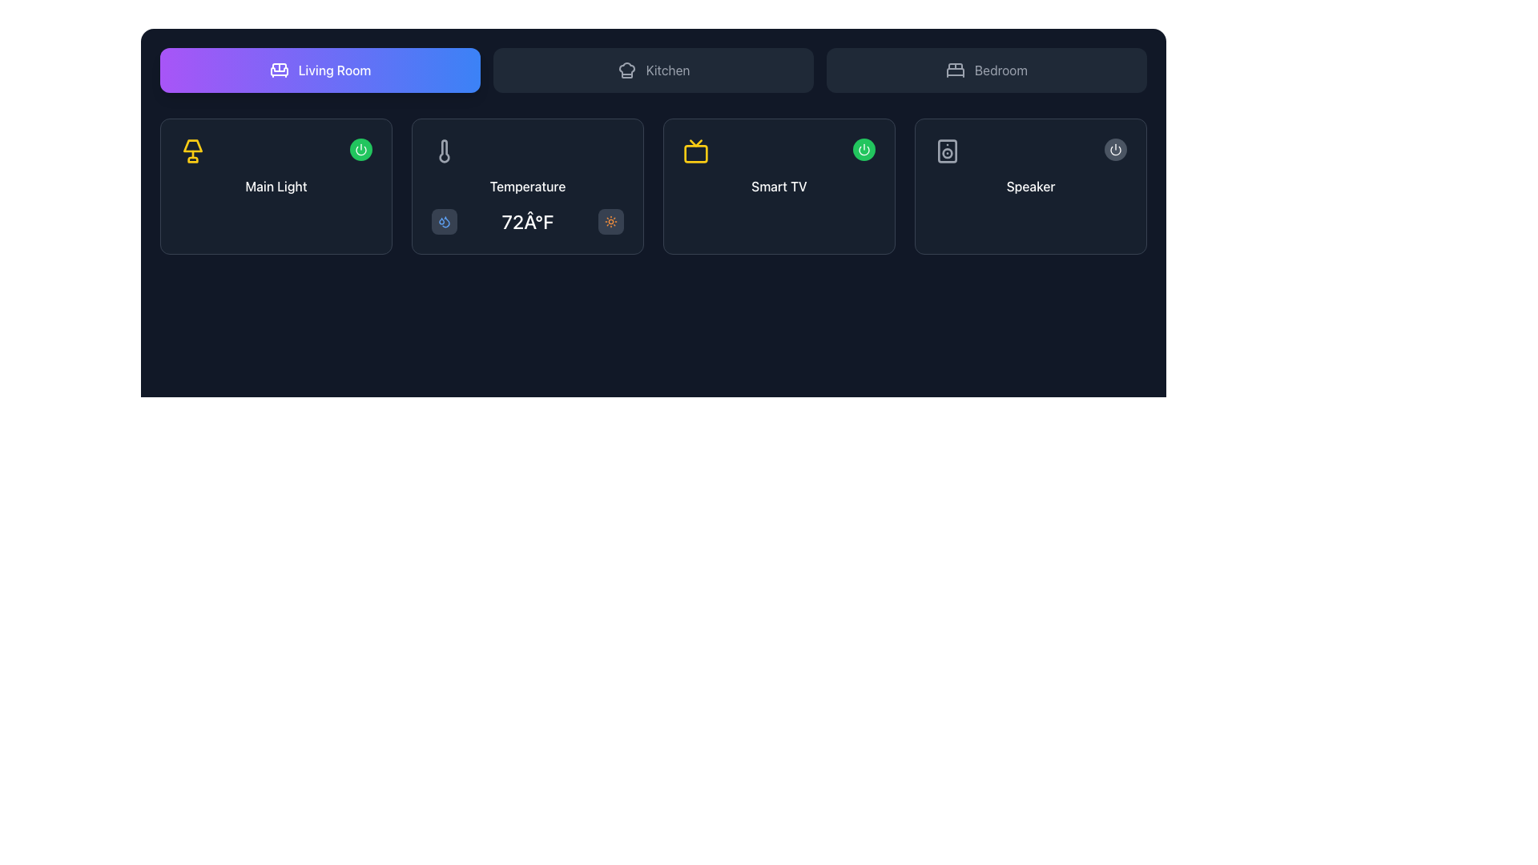 Image resolution: width=1538 pixels, height=865 pixels. Describe the element at coordinates (1114, 151) in the screenshot. I see `the icon representing a status within the 'Speaker' card located in the Bedroom section, positioned near the upper-right corner of the card` at that location.